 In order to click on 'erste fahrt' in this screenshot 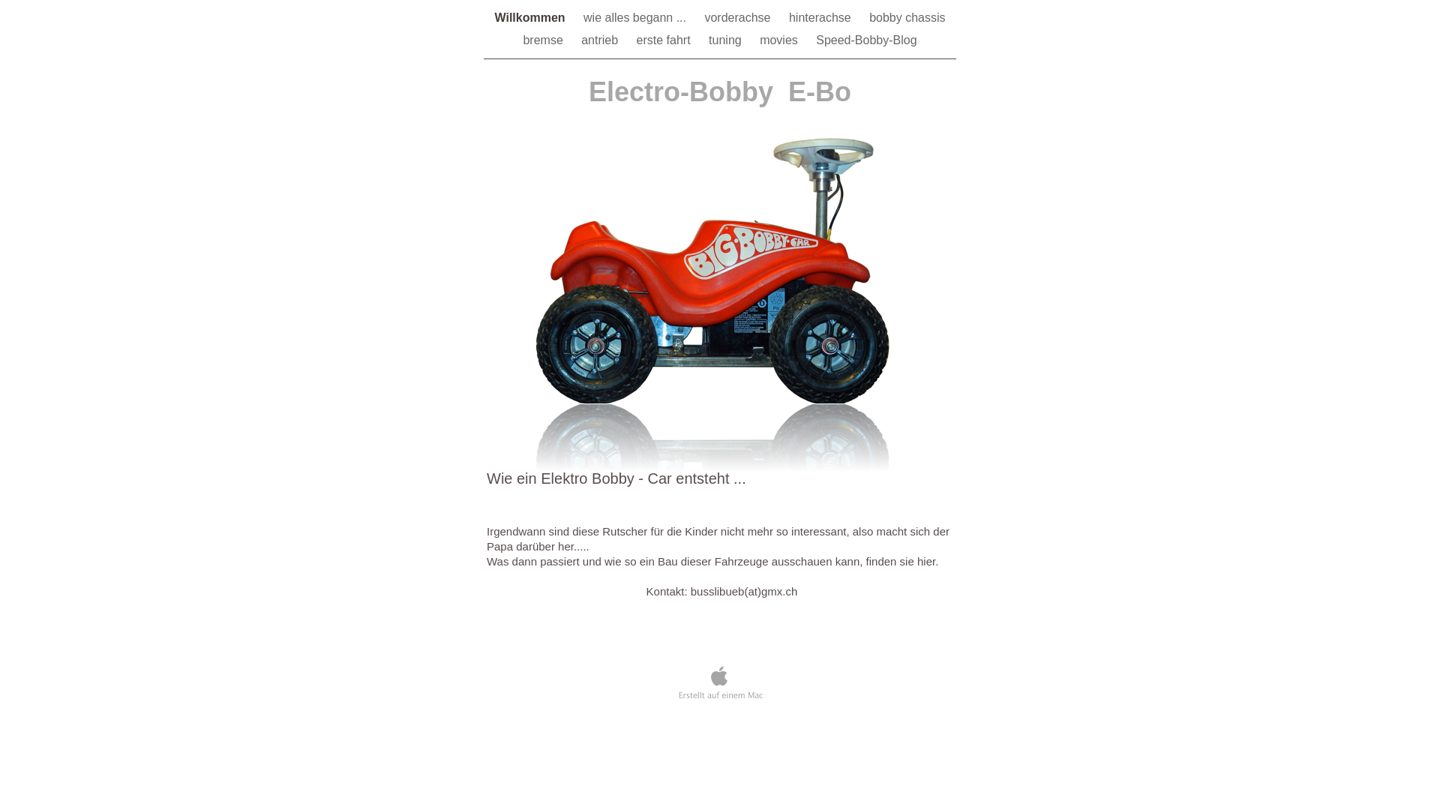, I will do `click(637, 39)`.